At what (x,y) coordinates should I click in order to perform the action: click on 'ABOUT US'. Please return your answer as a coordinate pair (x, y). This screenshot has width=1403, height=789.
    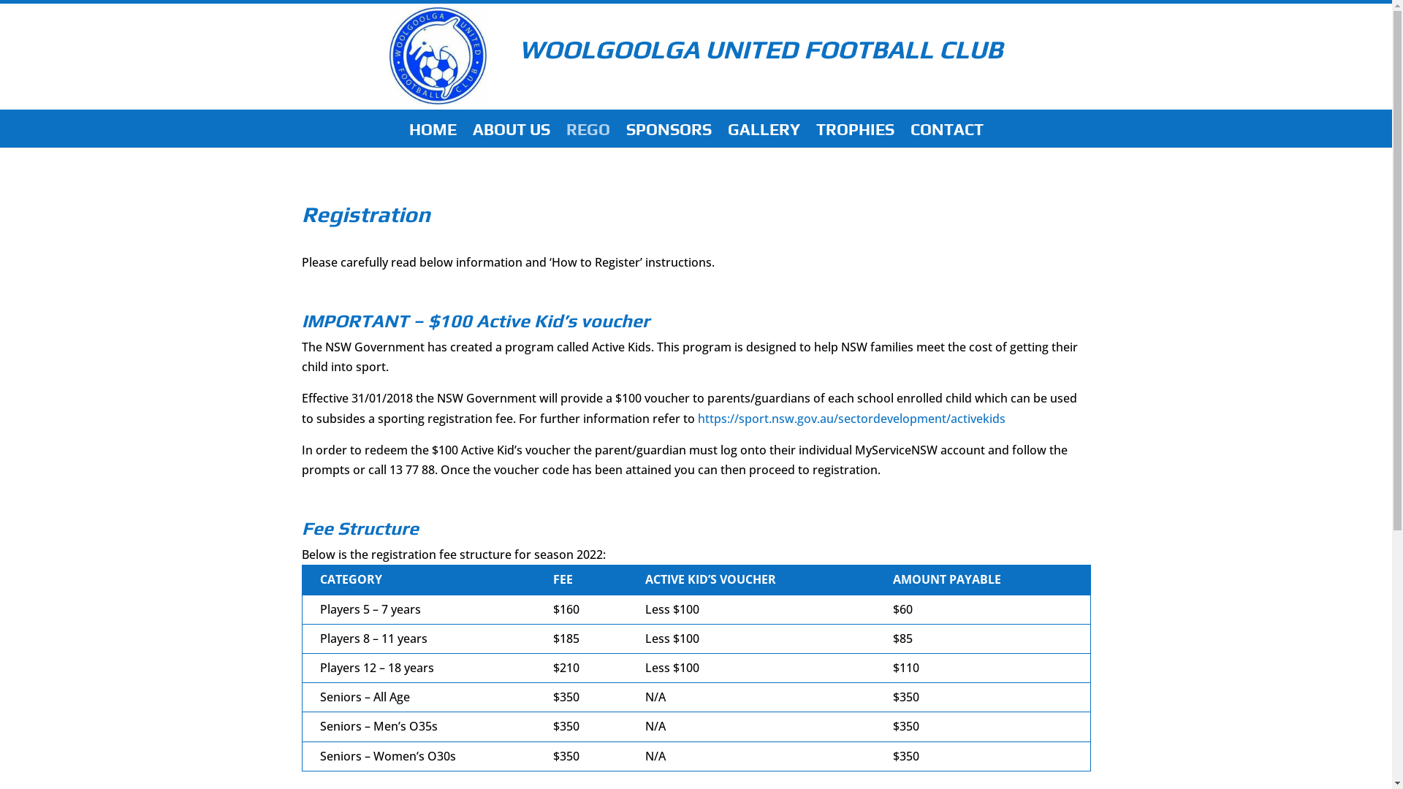
    Looking at the image, I should click on (511, 135).